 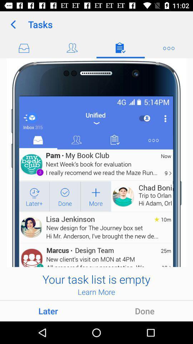 I want to click on the app below the your task list item, so click(x=96, y=292).